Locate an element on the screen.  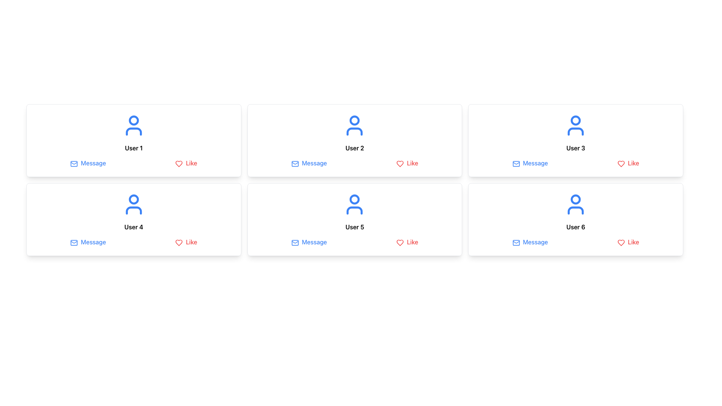
the blue circular head icon representing User 3, located at the top-center of the user avatar is located at coordinates (575, 120).